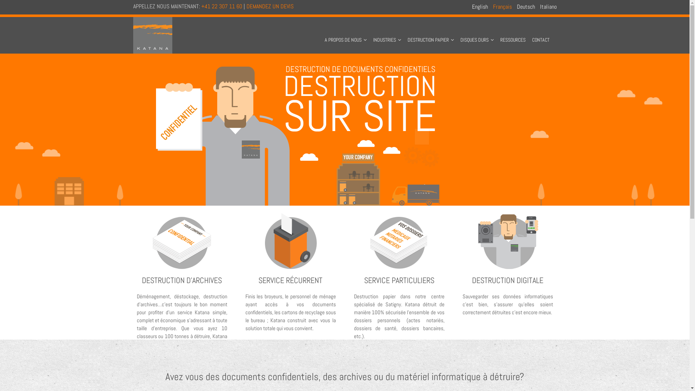  I want to click on 'English', so click(472, 7).